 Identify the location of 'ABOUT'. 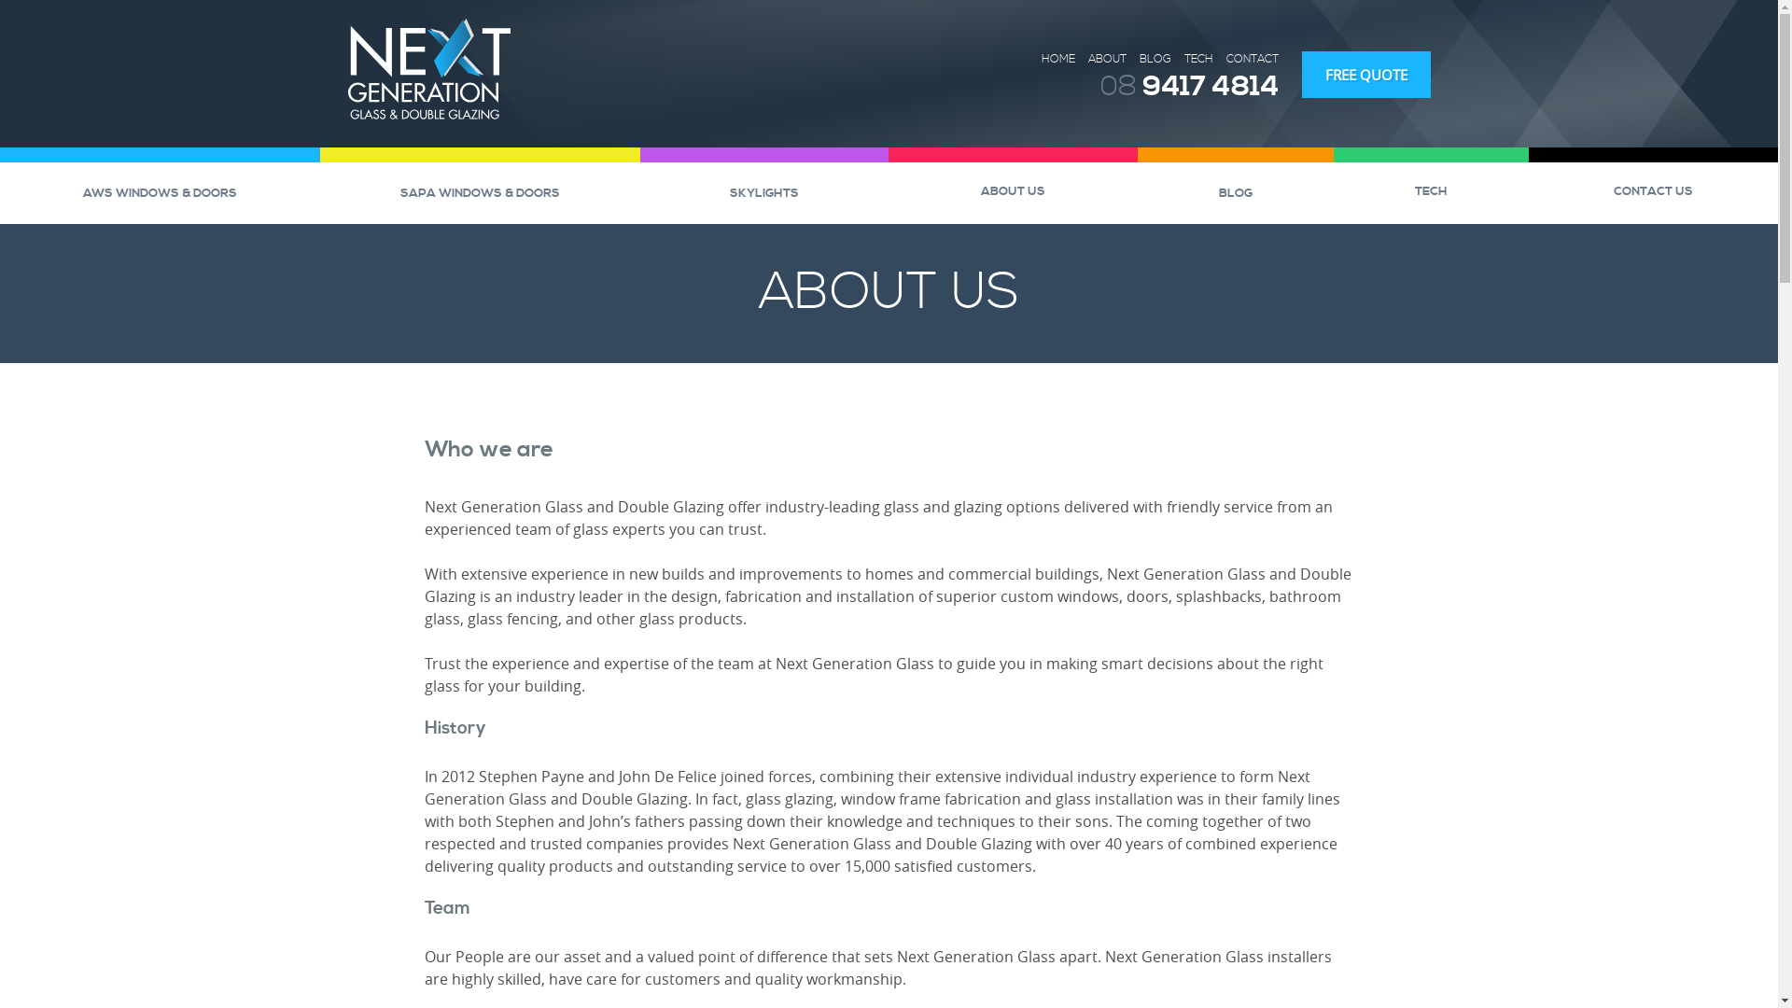
(1107, 58).